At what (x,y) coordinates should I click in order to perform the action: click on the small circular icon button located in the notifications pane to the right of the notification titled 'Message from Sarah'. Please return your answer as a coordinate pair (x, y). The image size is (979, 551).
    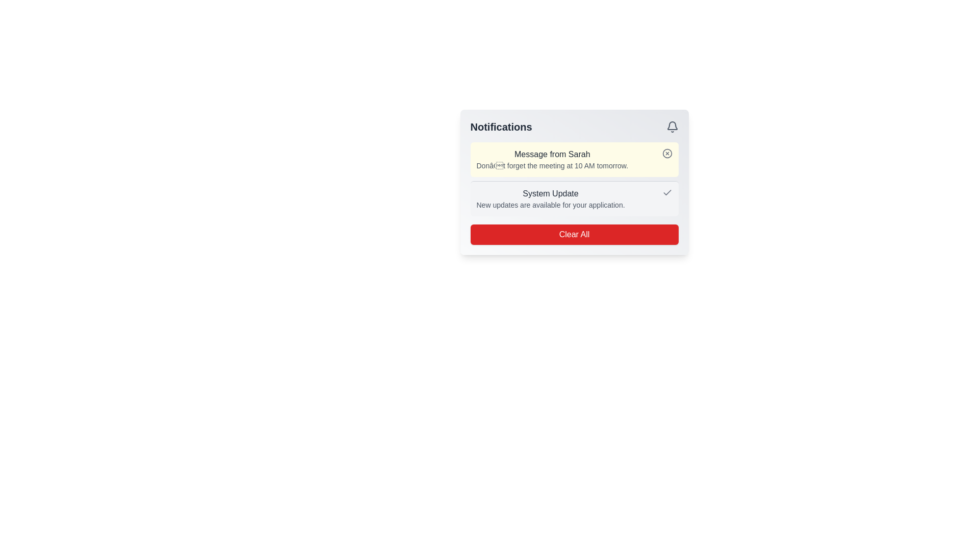
    Looking at the image, I should click on (667, 153).